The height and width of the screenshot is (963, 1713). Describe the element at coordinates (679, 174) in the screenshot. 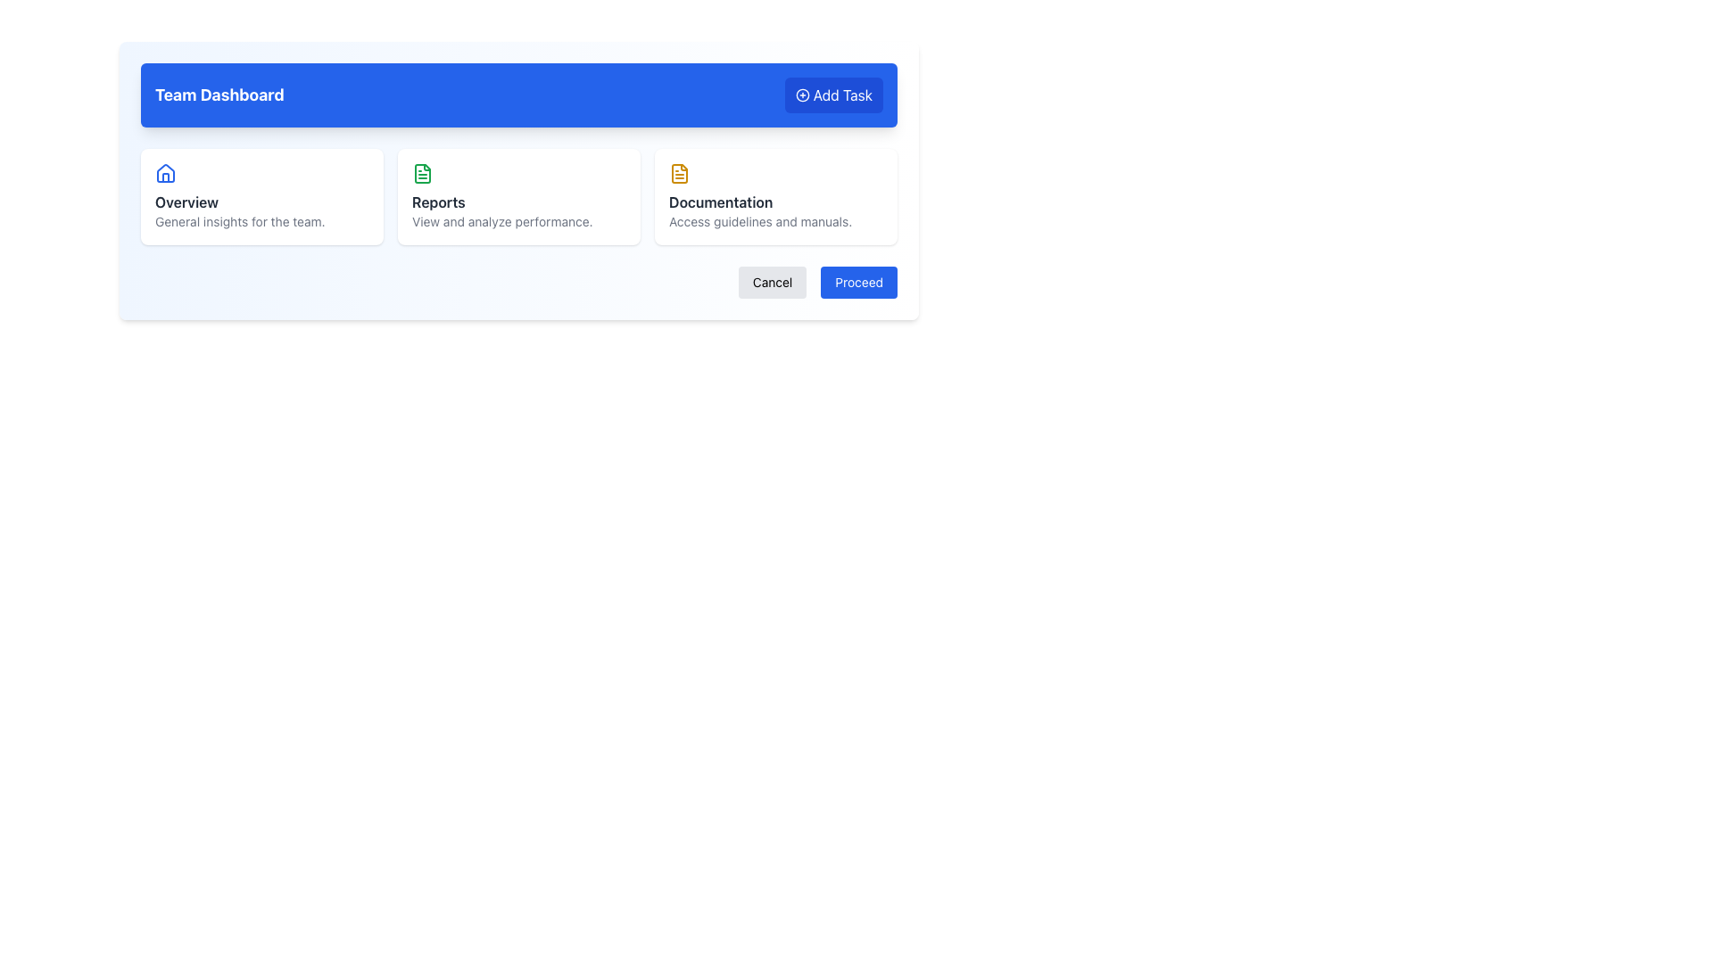

I see `the yellow document file icon located above the 'Documentation' text within the third card of the row labeled 'Overview', 'Reports', and 'Documentation'` at that location.